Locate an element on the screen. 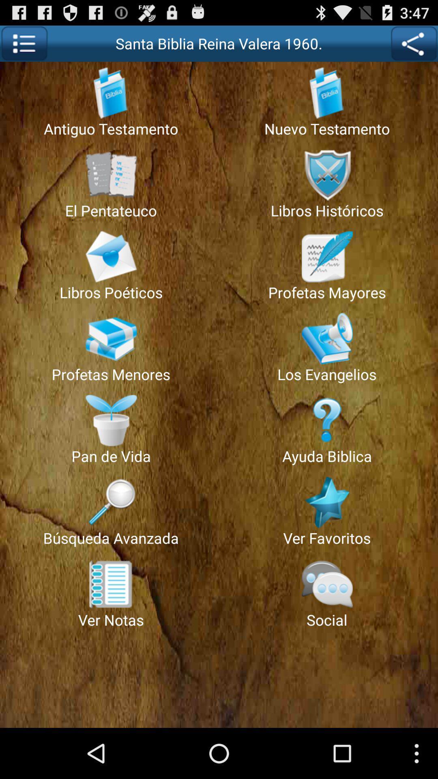 The image size is (438, 779). item next to the santa biblia reina app is located at coordinates (414, 43).